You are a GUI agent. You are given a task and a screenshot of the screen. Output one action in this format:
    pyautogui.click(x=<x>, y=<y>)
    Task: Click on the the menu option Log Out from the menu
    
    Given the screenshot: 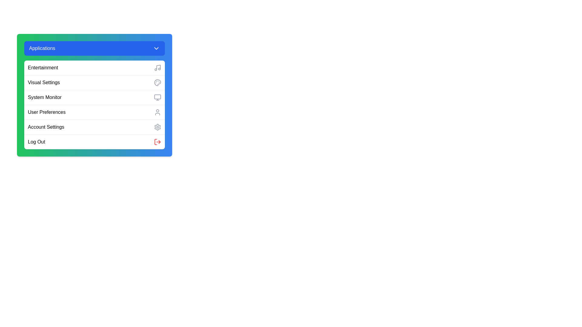 What is the action you would take?
    pyautogui.click(x=94, y=142)
    